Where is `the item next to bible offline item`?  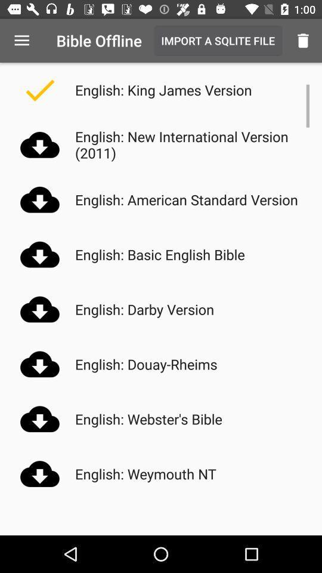
the item next to bible offline item is located at coordinates (21, 41).